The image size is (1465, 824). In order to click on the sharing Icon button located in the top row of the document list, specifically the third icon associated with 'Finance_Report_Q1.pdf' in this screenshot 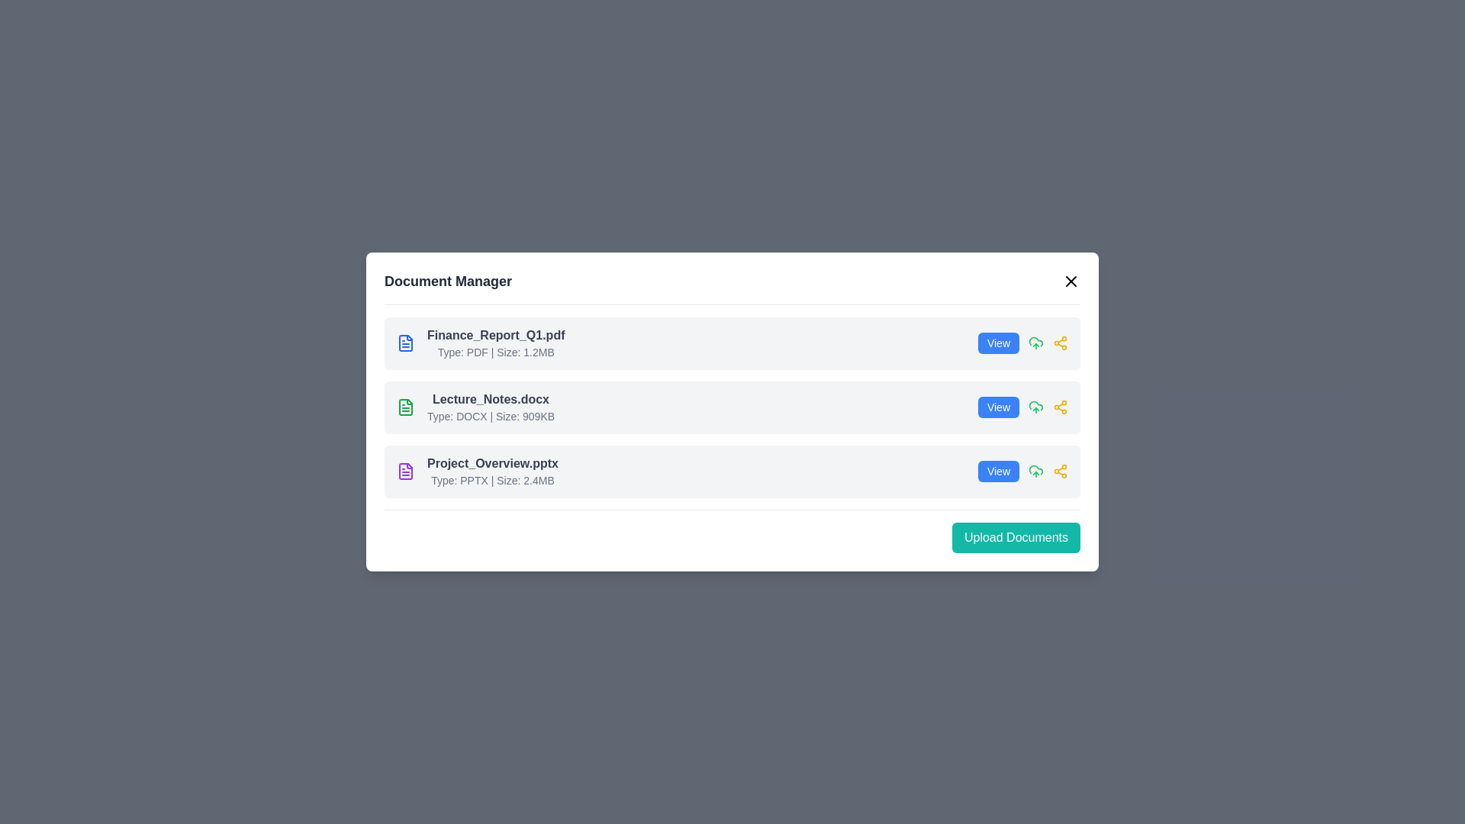, I will do `click(1060, 343)`.